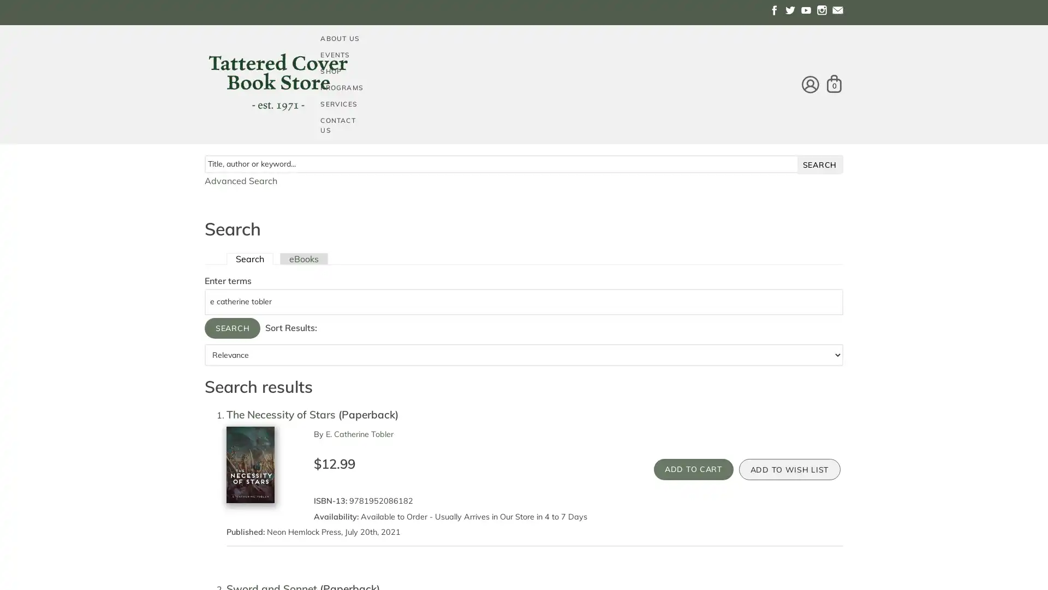 The width and height of the screenshot is (1048, 590). I want to click on search, so click(819, 164).